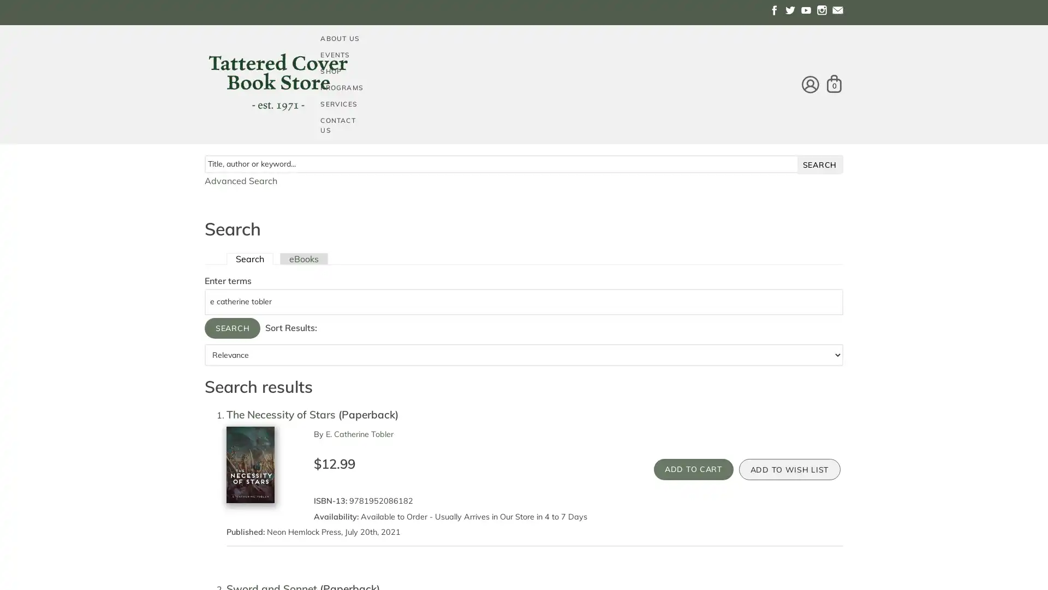 The width and height of the screenshot is (1048, 590). I want to click on search, so click(819, 164).